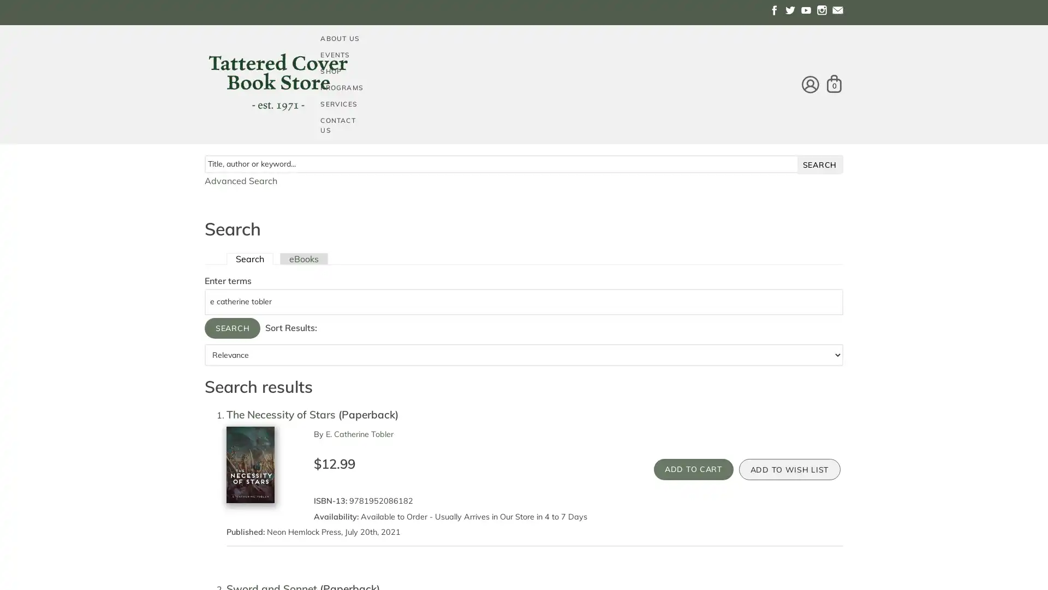 The width and height of the screenshot is (1048, 590). I want to click on search, so click(819, 164).